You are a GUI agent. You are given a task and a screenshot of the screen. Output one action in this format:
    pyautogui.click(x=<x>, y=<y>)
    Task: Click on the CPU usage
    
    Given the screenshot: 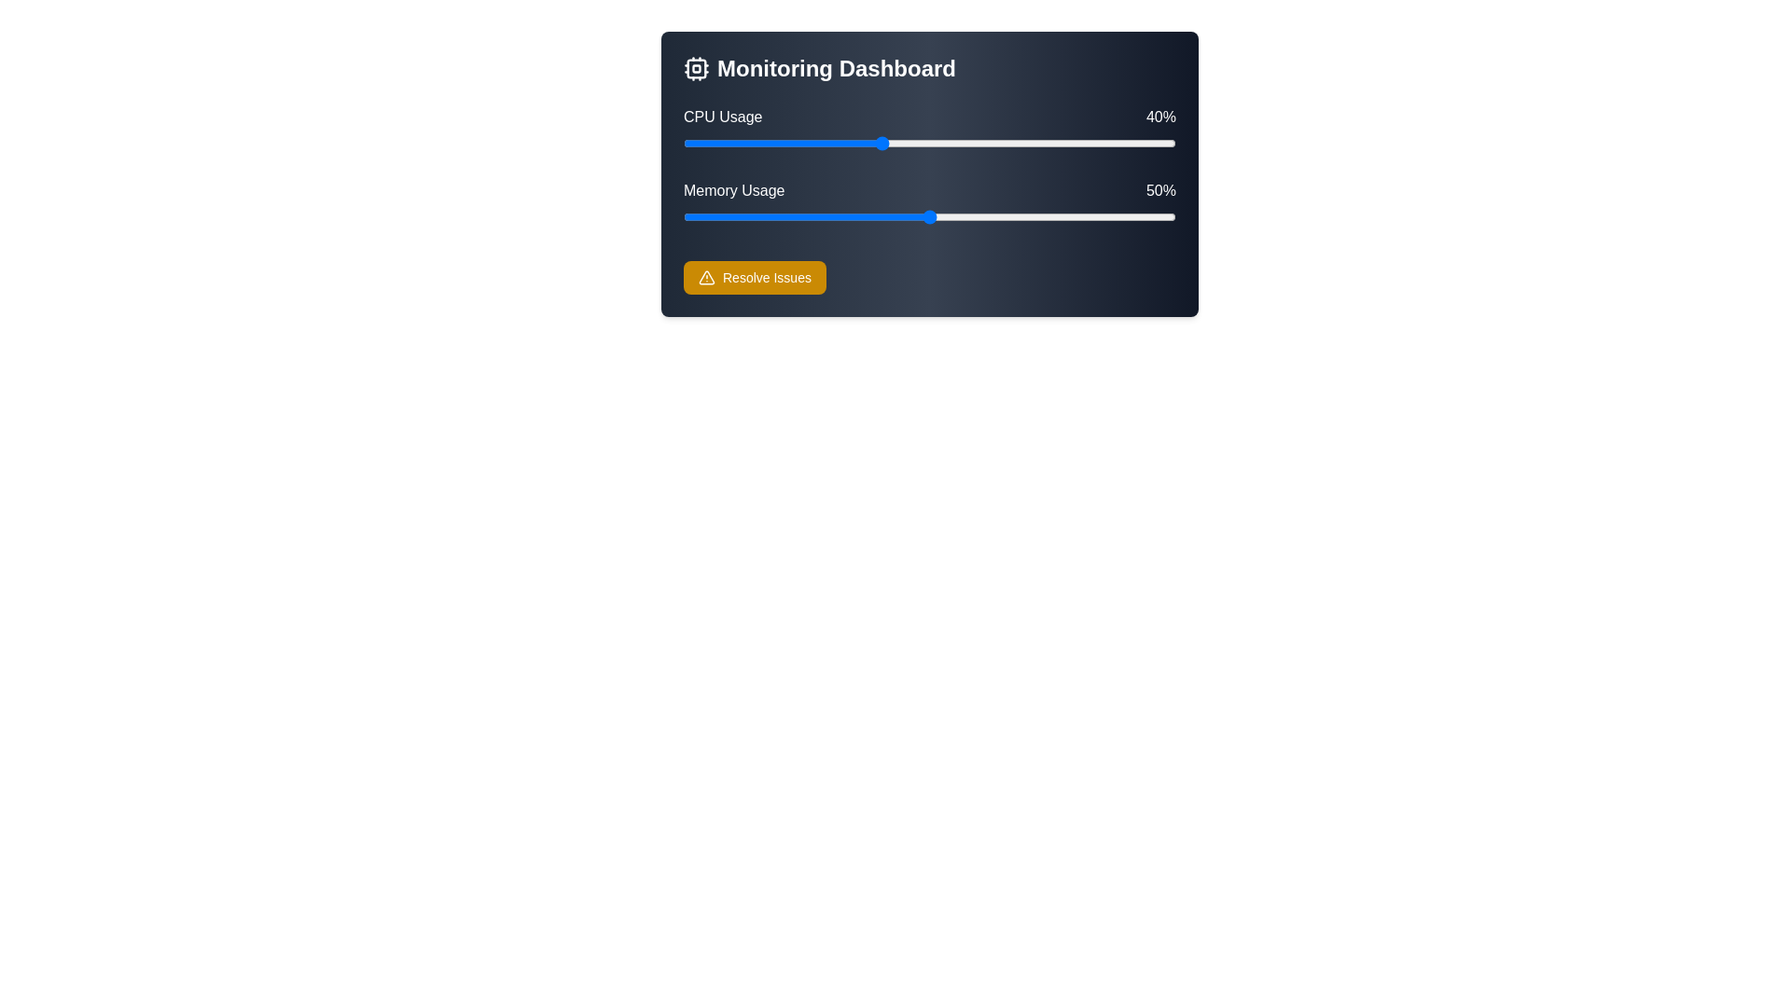 What is the action you would take?
    pyautogui.click(x=850, y=143)
    